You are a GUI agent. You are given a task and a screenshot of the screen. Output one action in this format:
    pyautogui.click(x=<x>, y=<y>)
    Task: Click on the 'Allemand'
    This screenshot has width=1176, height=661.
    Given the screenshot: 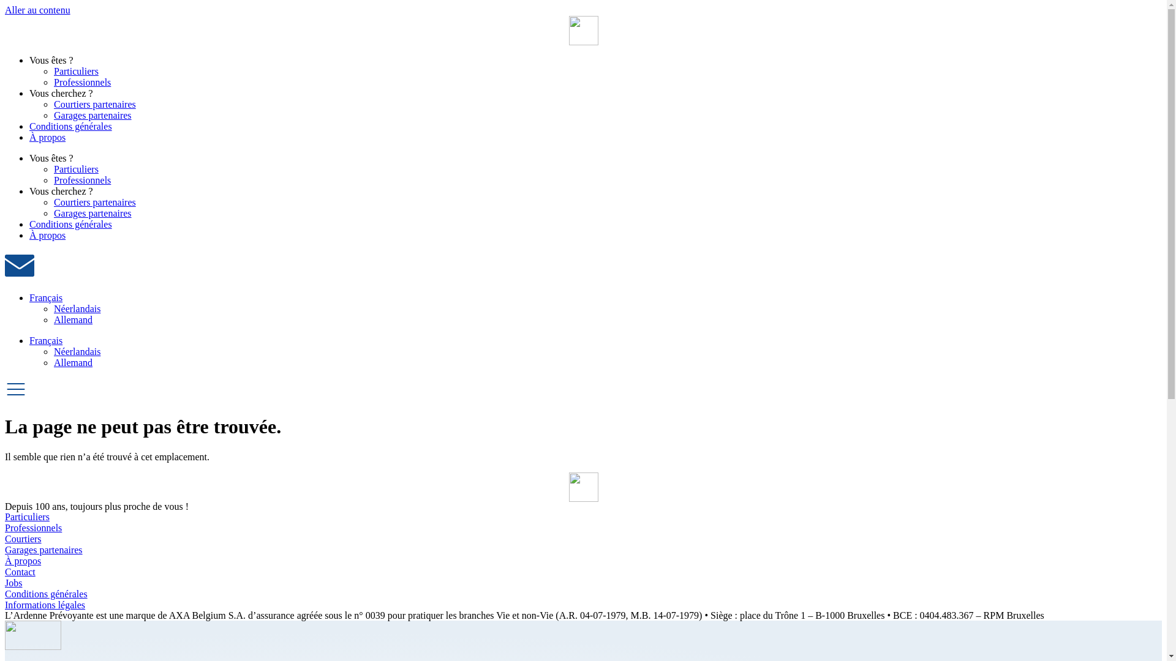 What is the action you would take?
    pyautogui.click(x=53, y=319)
    